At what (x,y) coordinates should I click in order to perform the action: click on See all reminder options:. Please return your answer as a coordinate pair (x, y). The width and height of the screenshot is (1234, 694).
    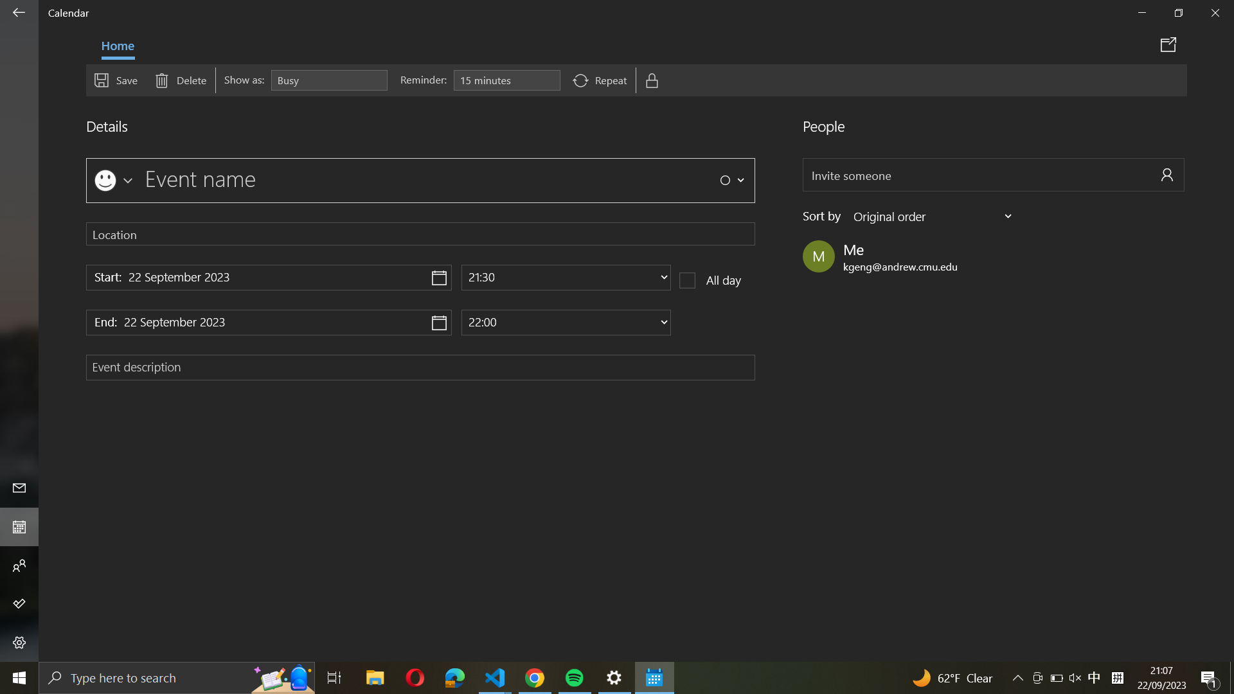
    Looking at the image, I should click on (506, 80).